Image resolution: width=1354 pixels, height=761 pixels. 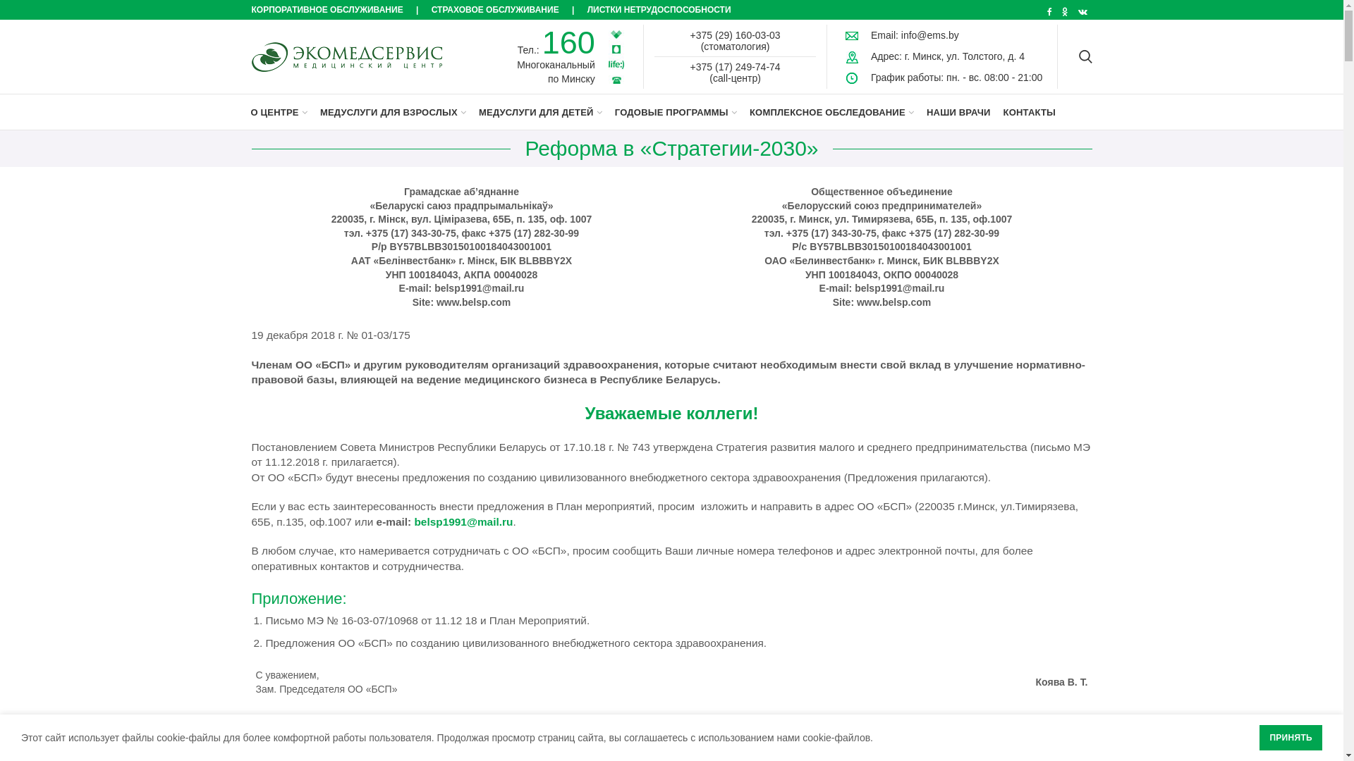 What do you see at coordinates (568, 42) in the screenshot?
I see `'160'` at bounding box center [568, 42].